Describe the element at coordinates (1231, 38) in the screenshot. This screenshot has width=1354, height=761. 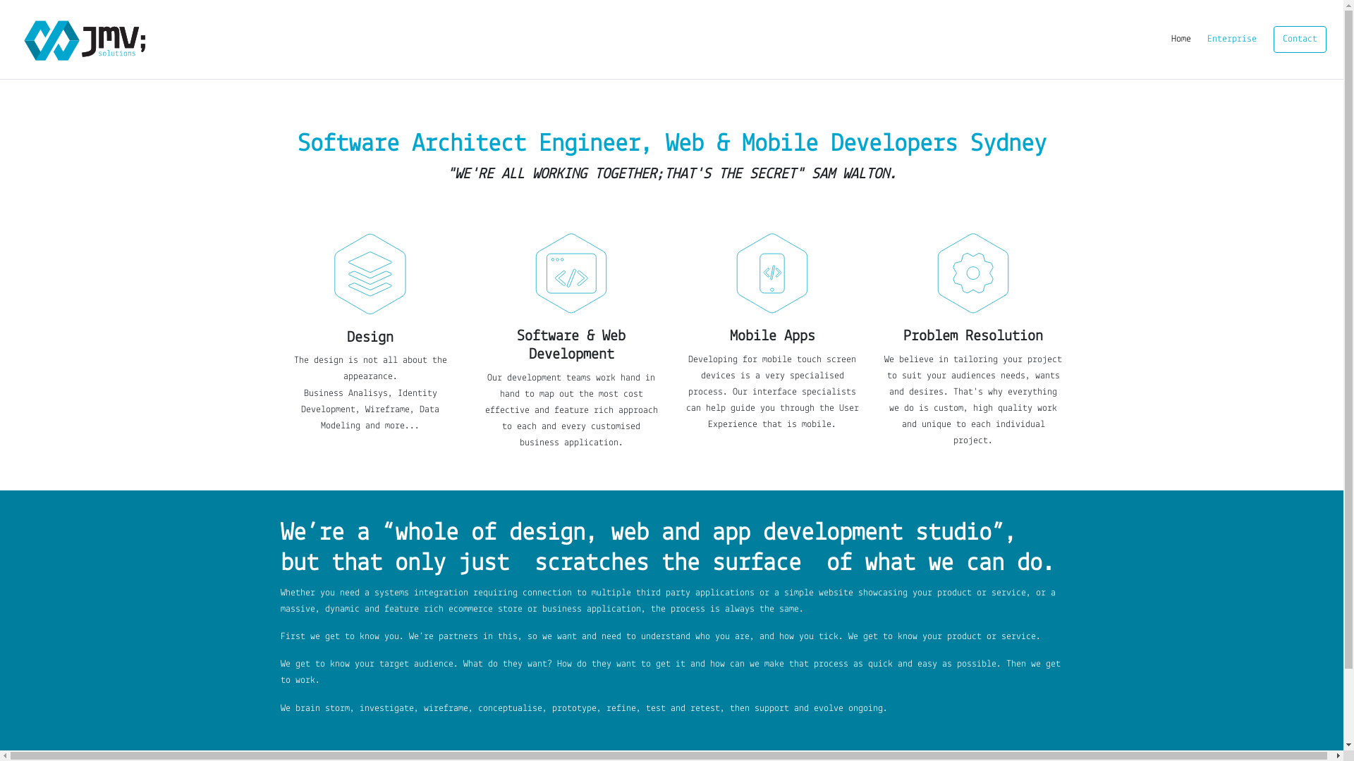
I see `'Enterprise'` at that location.